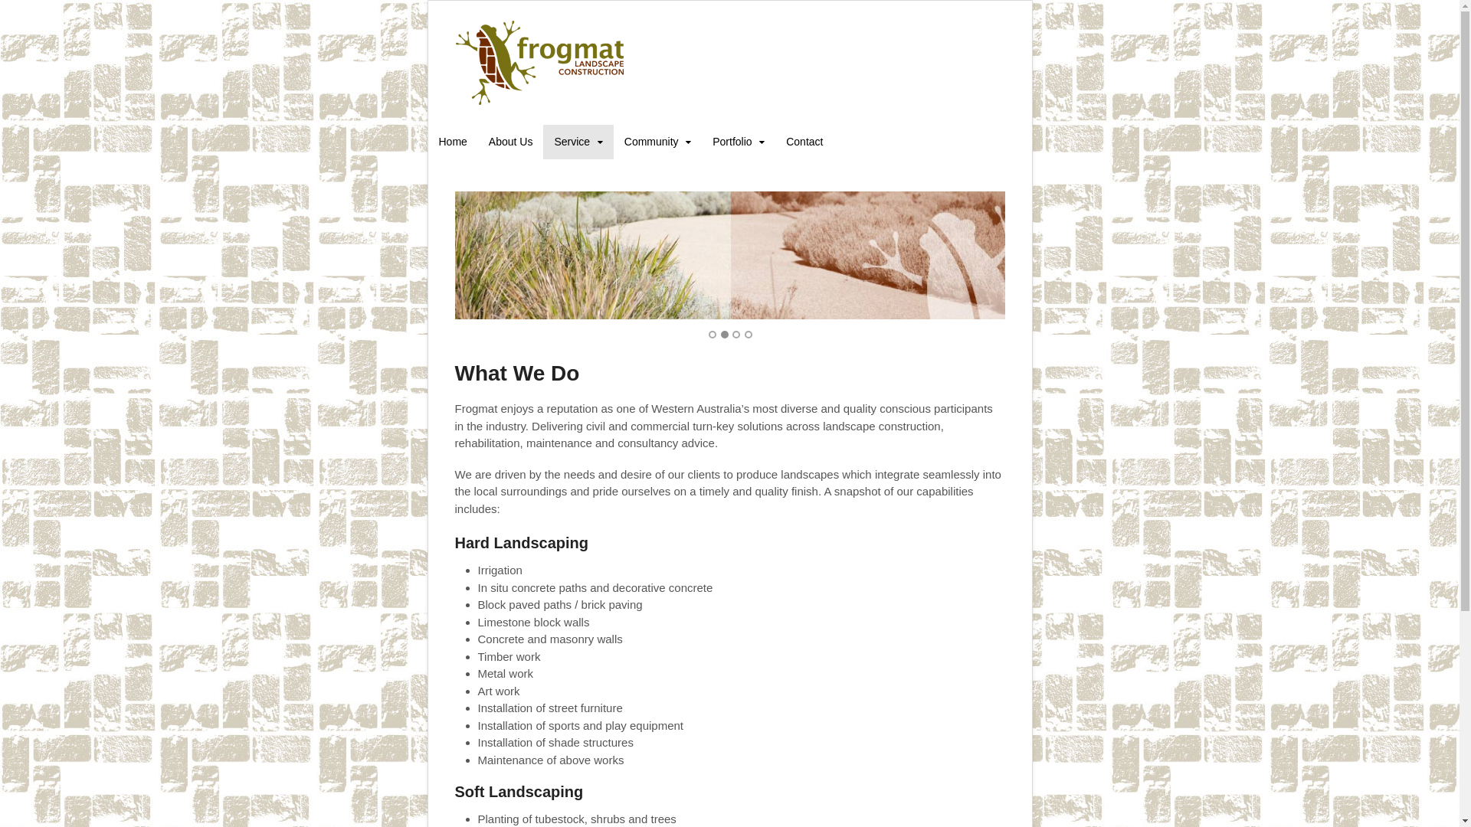  I want to click on 'Home', so click(451, 142).